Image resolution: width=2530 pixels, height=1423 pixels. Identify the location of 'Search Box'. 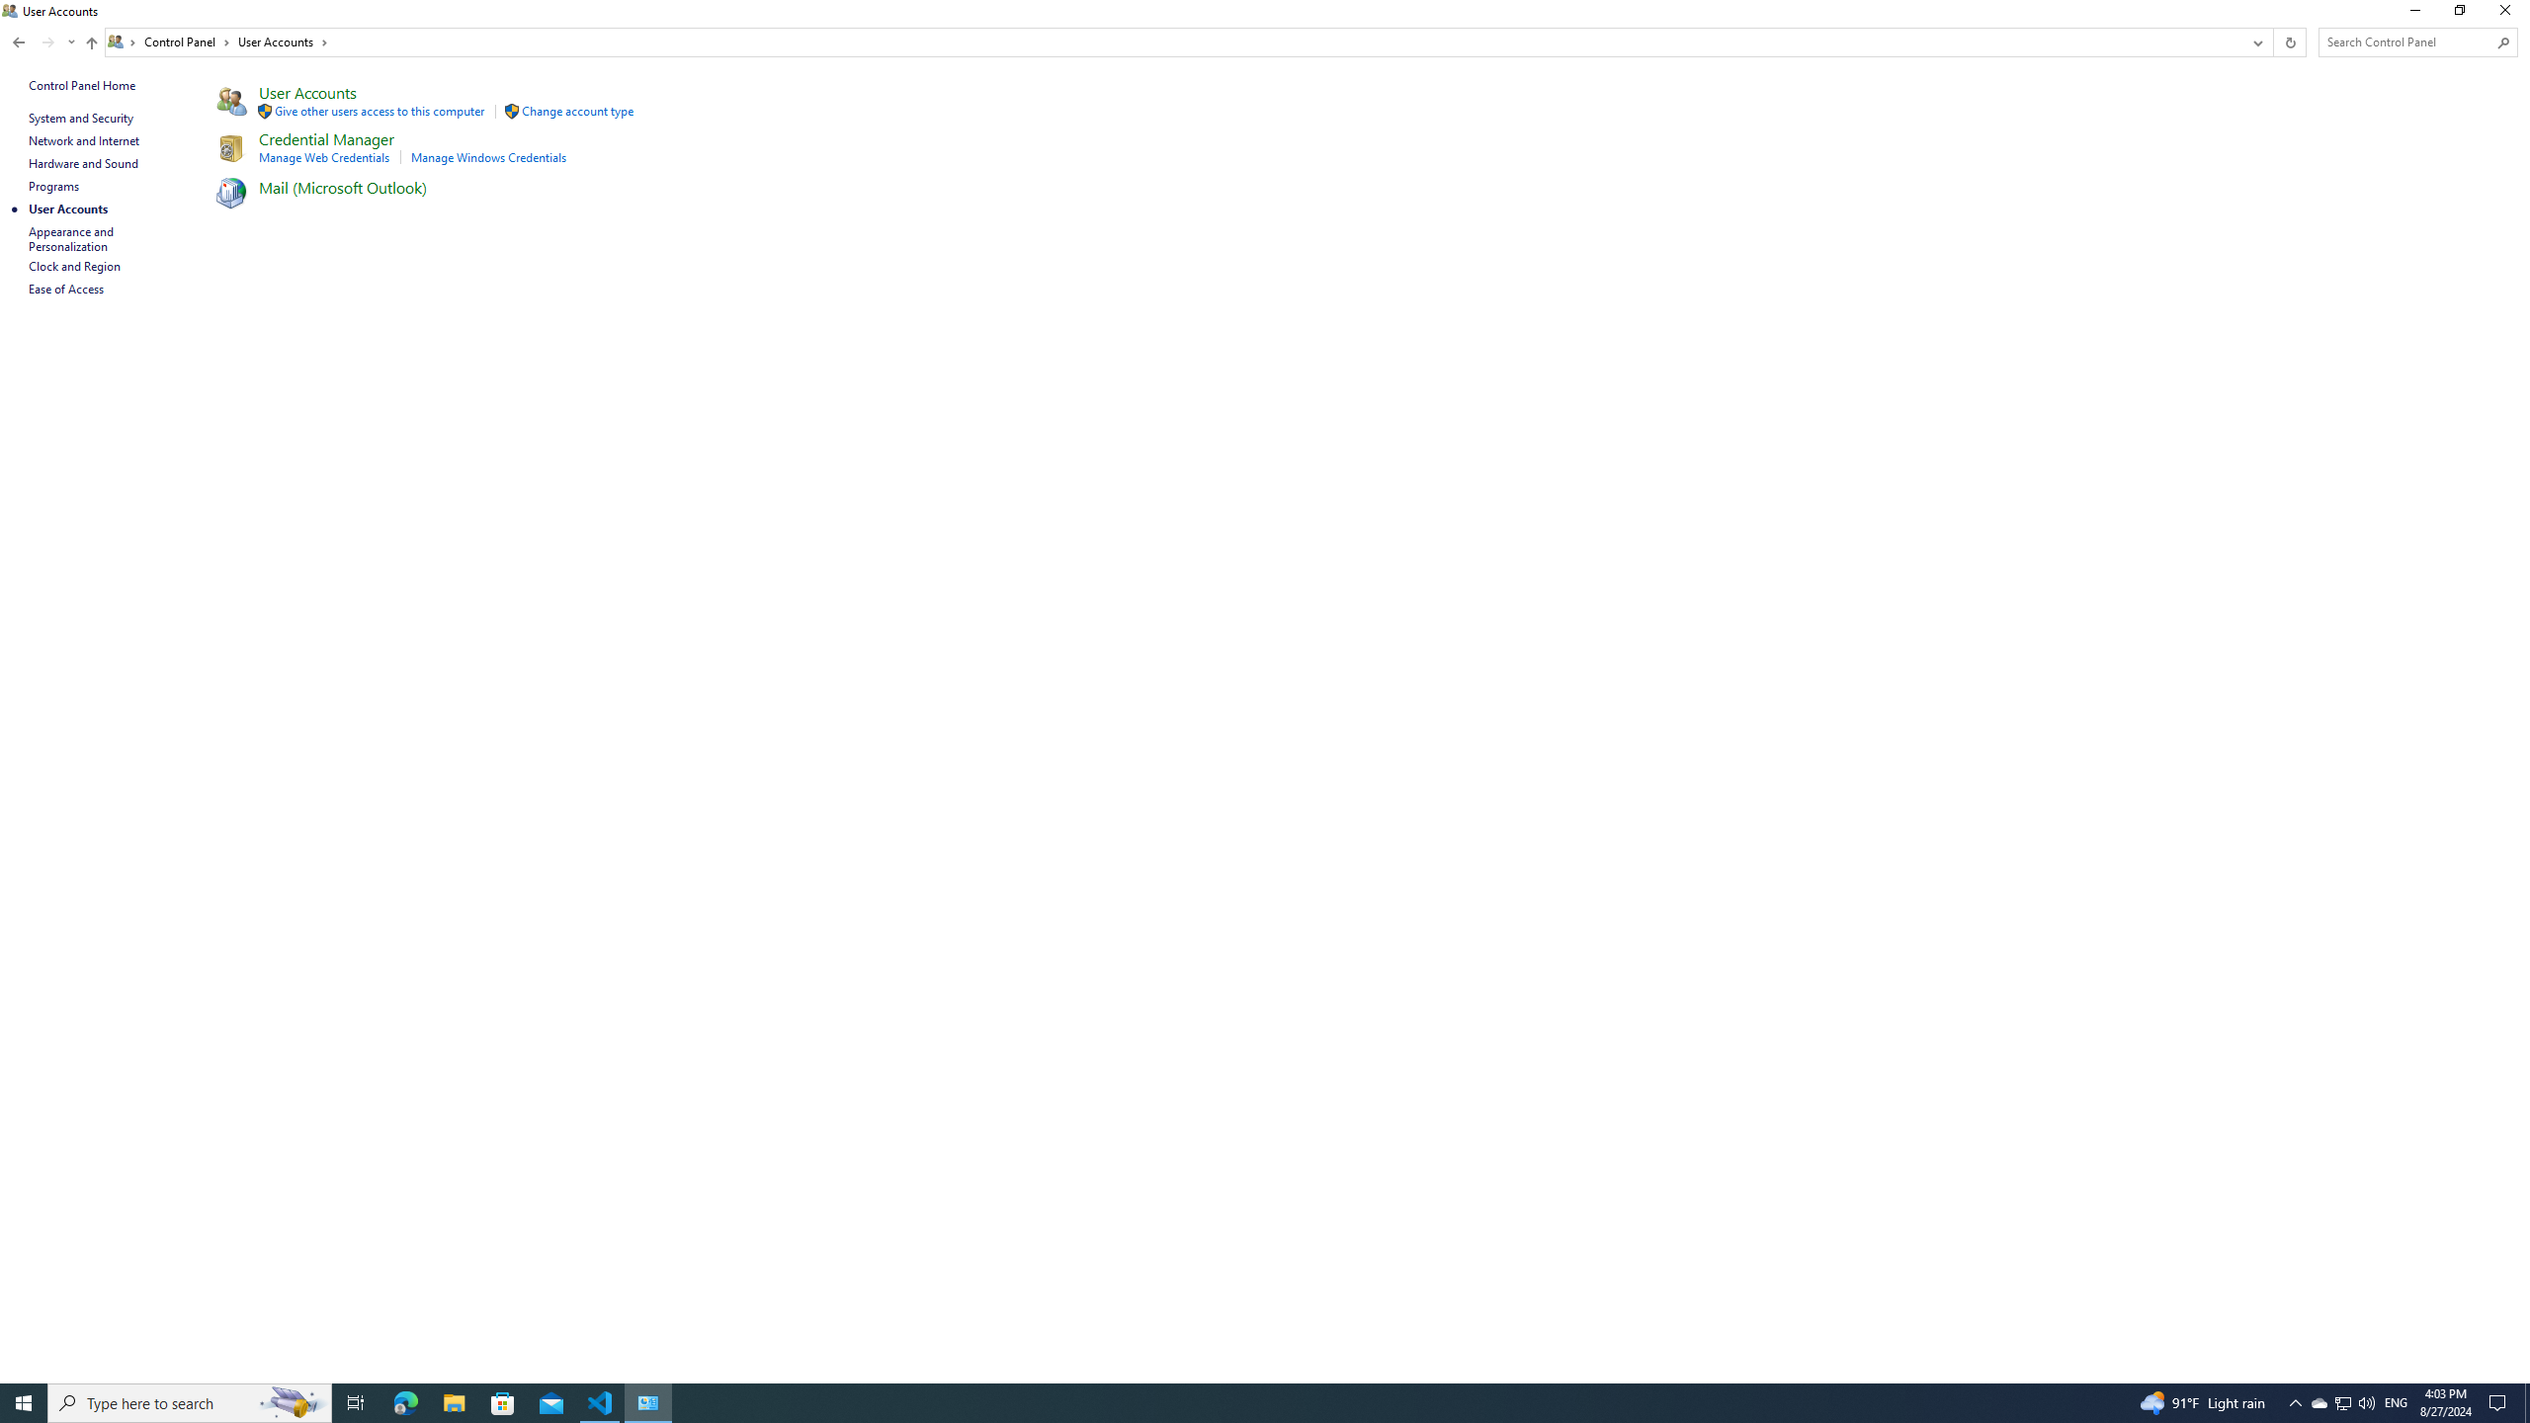
(2408, 42).